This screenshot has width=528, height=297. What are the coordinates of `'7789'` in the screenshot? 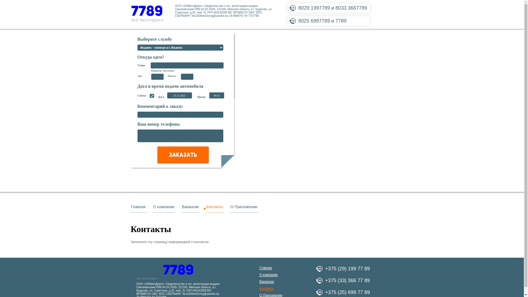 It's located at (136, 270).